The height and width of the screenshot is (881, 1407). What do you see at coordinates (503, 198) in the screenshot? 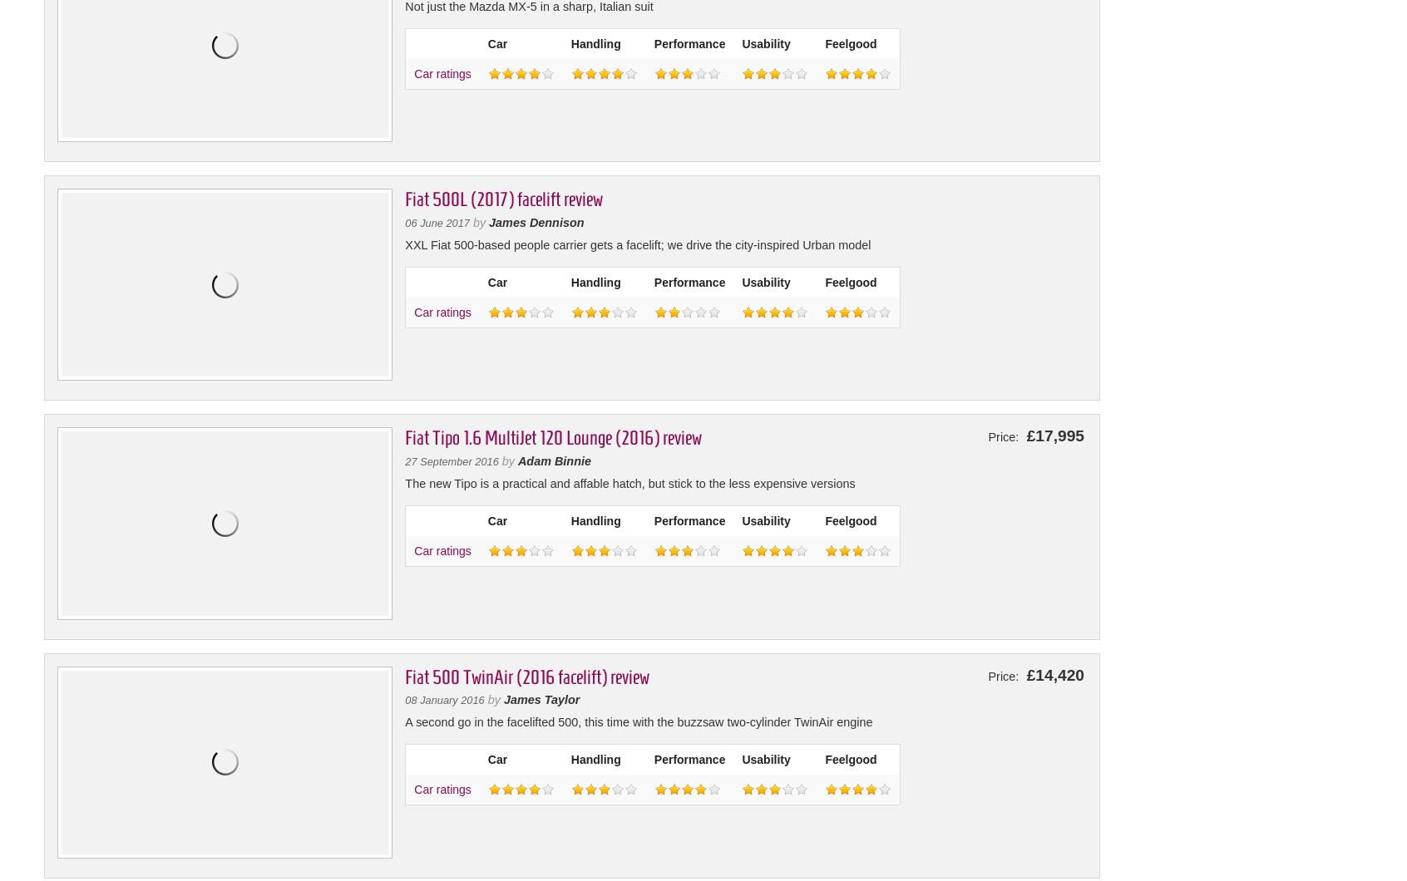
I see `'Fiat 500L (2017) facelift review'` at bounding box center [503, 198].